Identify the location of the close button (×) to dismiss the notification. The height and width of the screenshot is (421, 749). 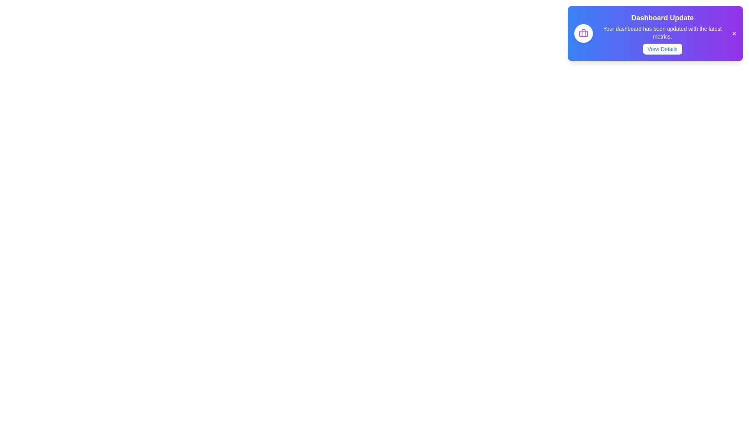
(733, 33).